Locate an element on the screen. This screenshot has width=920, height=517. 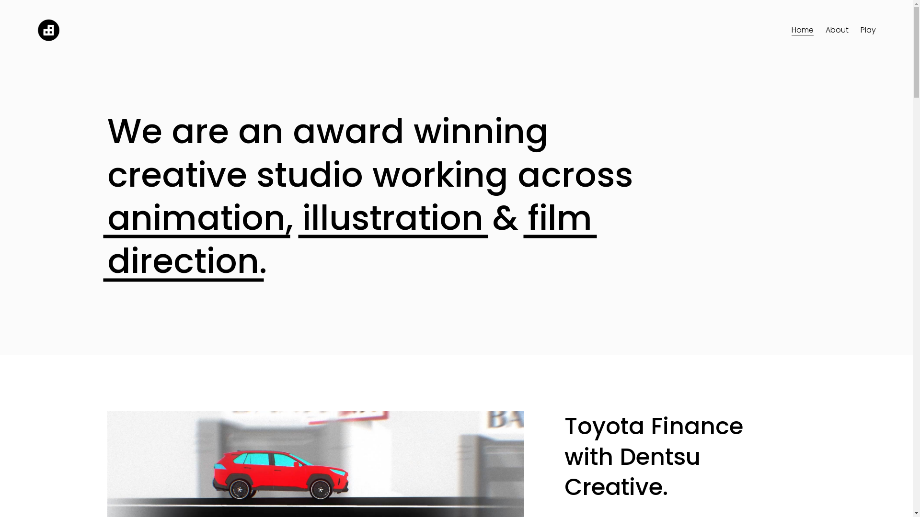
'Home' is located at coordinates (803, 30).